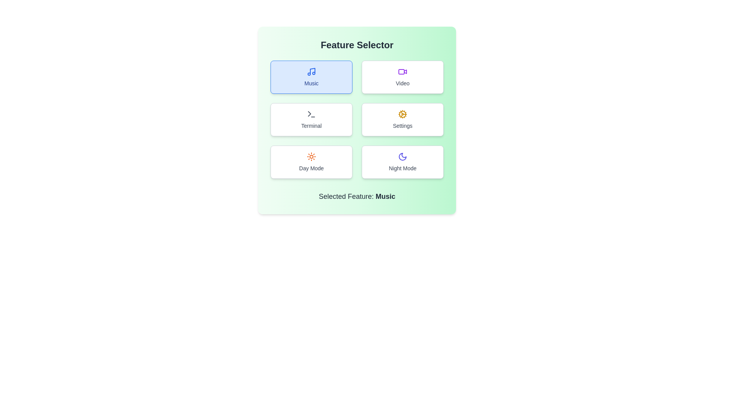 The height and width of the screenshot is (417, 742). What do you see at coordinates (402, 119) in the screenshot?
I see `the 'Settings' button` at bounding box center [402, 119].